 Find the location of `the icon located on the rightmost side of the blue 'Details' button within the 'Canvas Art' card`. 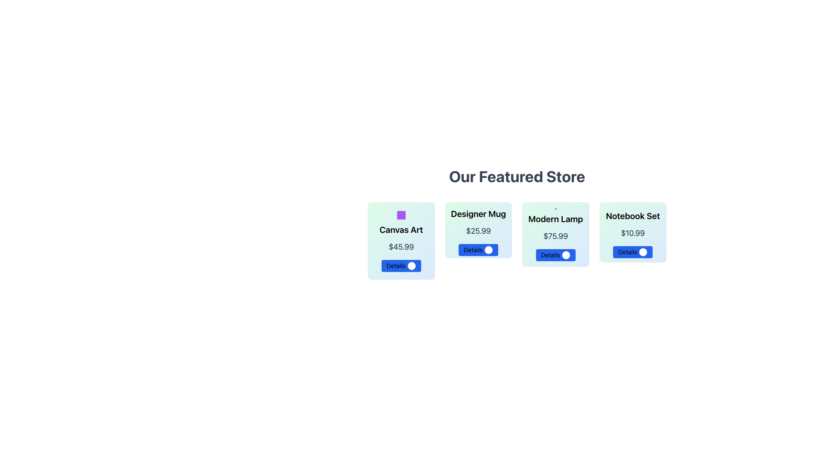

the icon located on the rightmost side of the blue 'Details' button within the 'Canvas Art' card is located at coordinates (411, 265).